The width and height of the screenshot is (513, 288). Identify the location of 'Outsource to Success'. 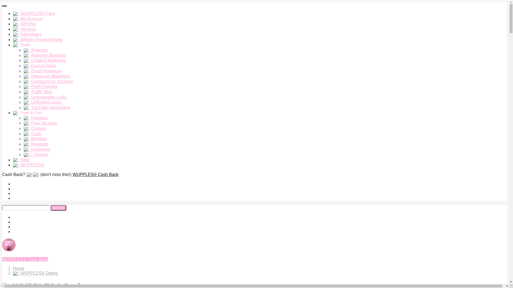
(48, 81).